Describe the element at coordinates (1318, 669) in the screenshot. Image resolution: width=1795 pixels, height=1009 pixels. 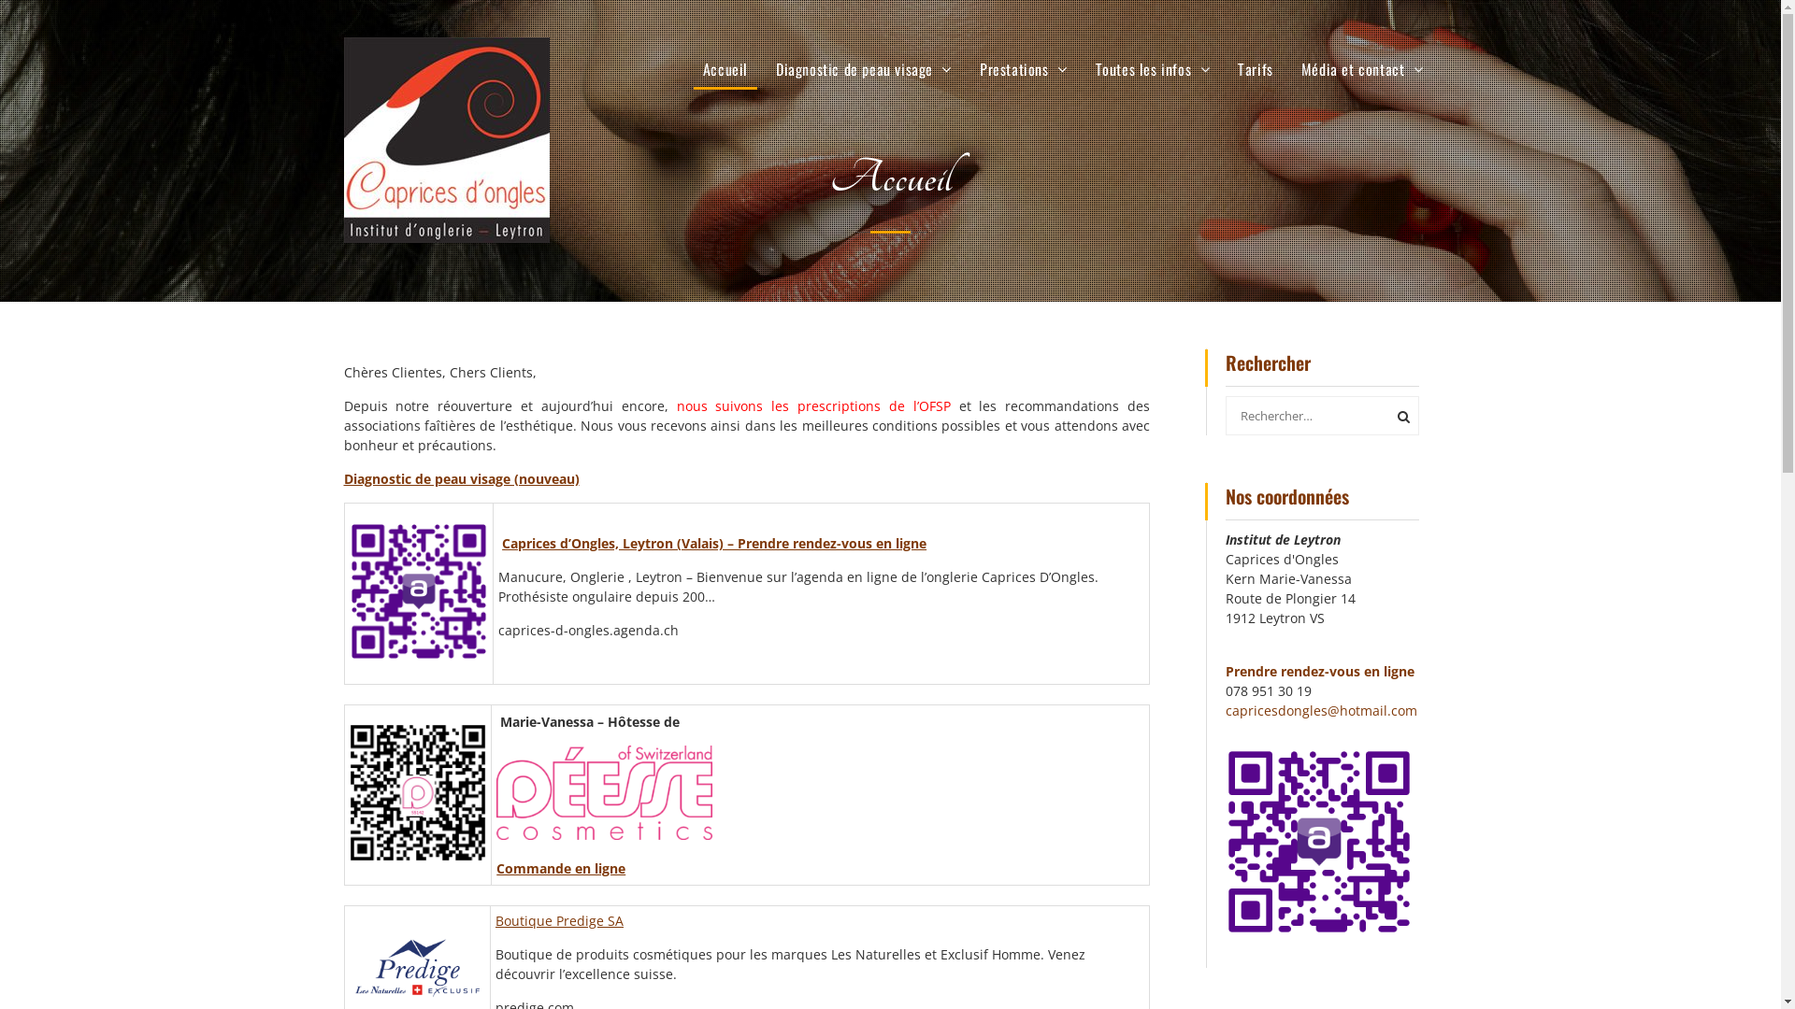
I see `'Prendre rendez-vous en ligne'` at that location.